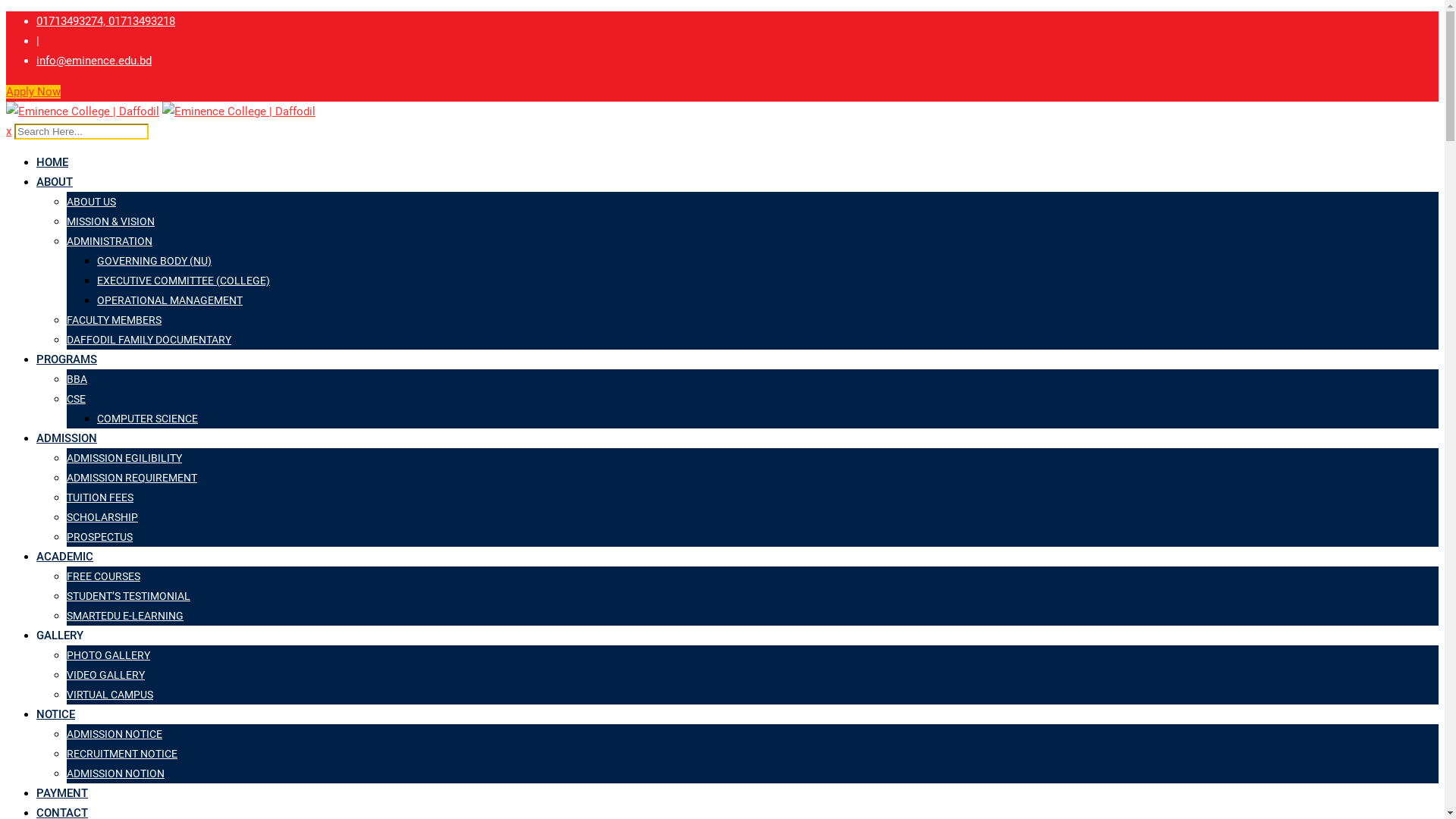 The height and width of the screenshot is (819, 1456). I want to click on 'ADMISSION NOTION', so click(115, 773).